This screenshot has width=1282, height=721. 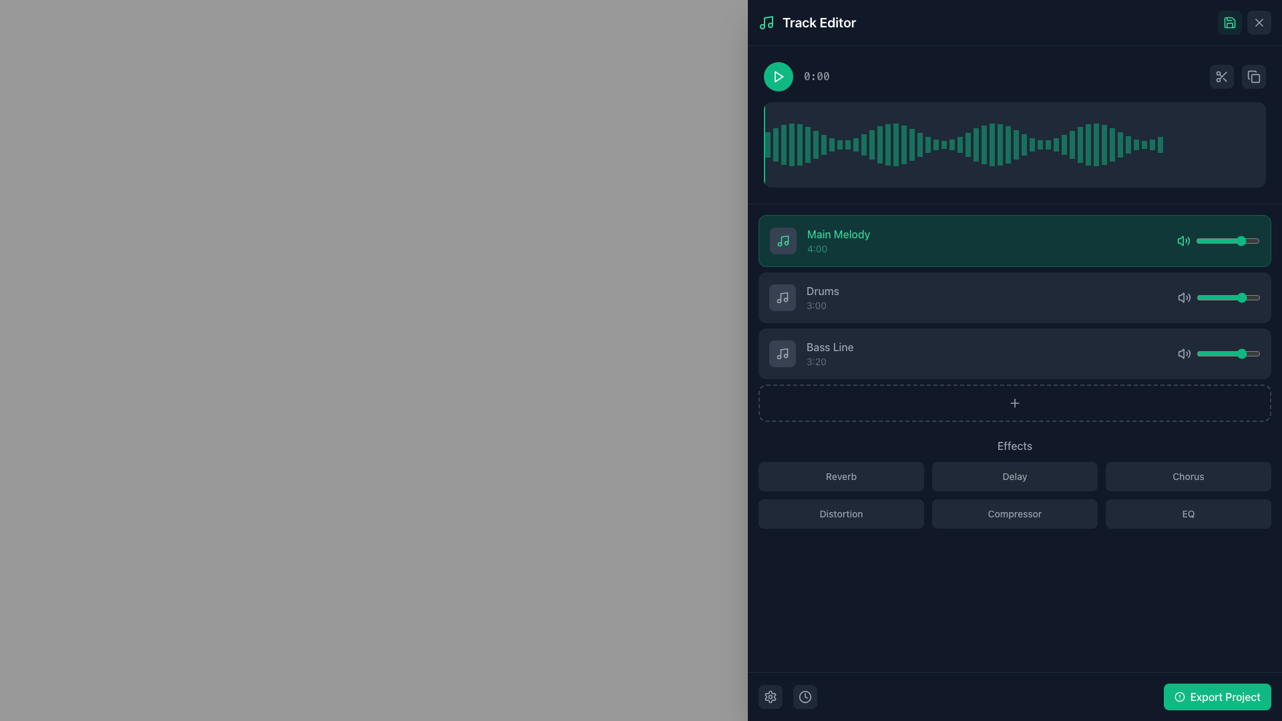 I want to click on the 52nd emerald green vertical rectangle in the waveform-like interface, so click(x=1136, y=144).